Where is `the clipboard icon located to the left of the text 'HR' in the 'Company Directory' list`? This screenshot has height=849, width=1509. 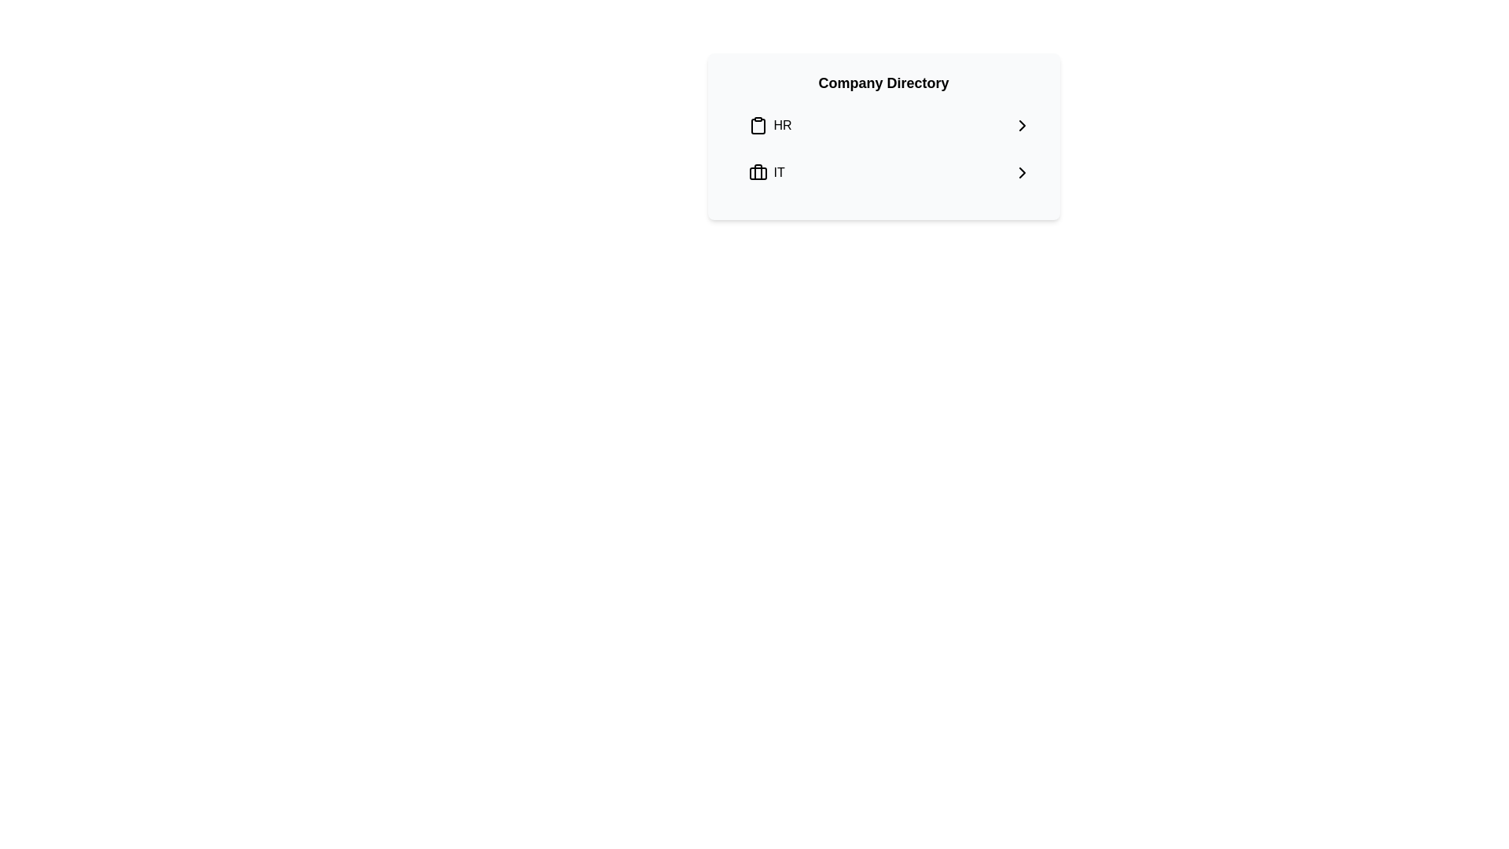 the clipboard icon located to the left of the text 'HR' in the 'Company Directory' list is located at coordinates (758, 124).